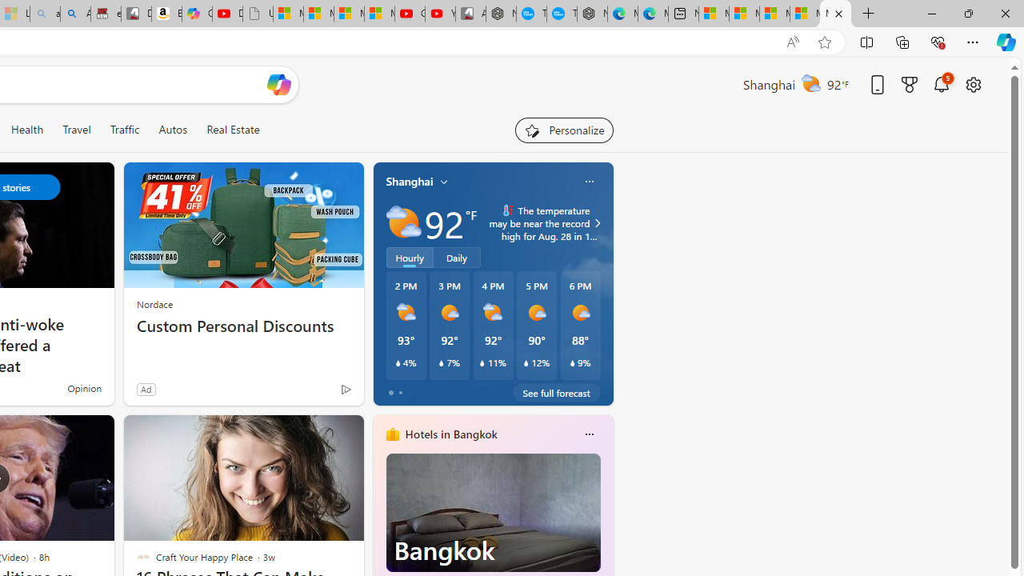 The width and height of the screenshot is (1024, 576). What do you see at coordinates (937, 41) in the screenshot?
I see `'Browser essentials'` at bounding box center [937, 41].